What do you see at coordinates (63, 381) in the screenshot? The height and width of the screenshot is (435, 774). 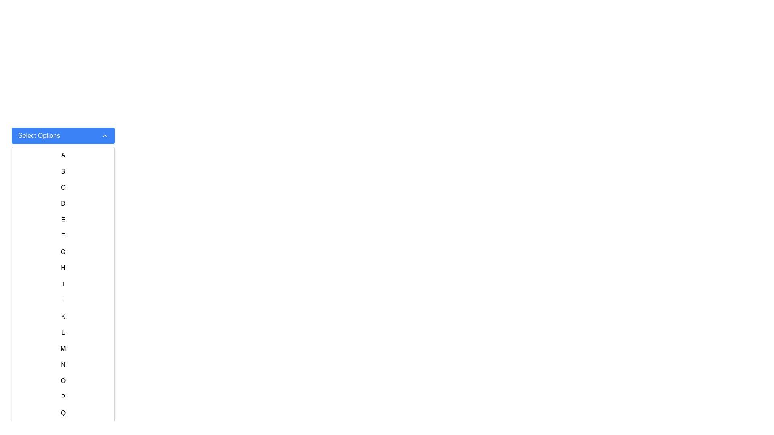 I see `the 15th item in the dropdown menu that allows the user to select the letter 'O', which is positioned between 'N' and 'P'` at bounding box center [63, 381].